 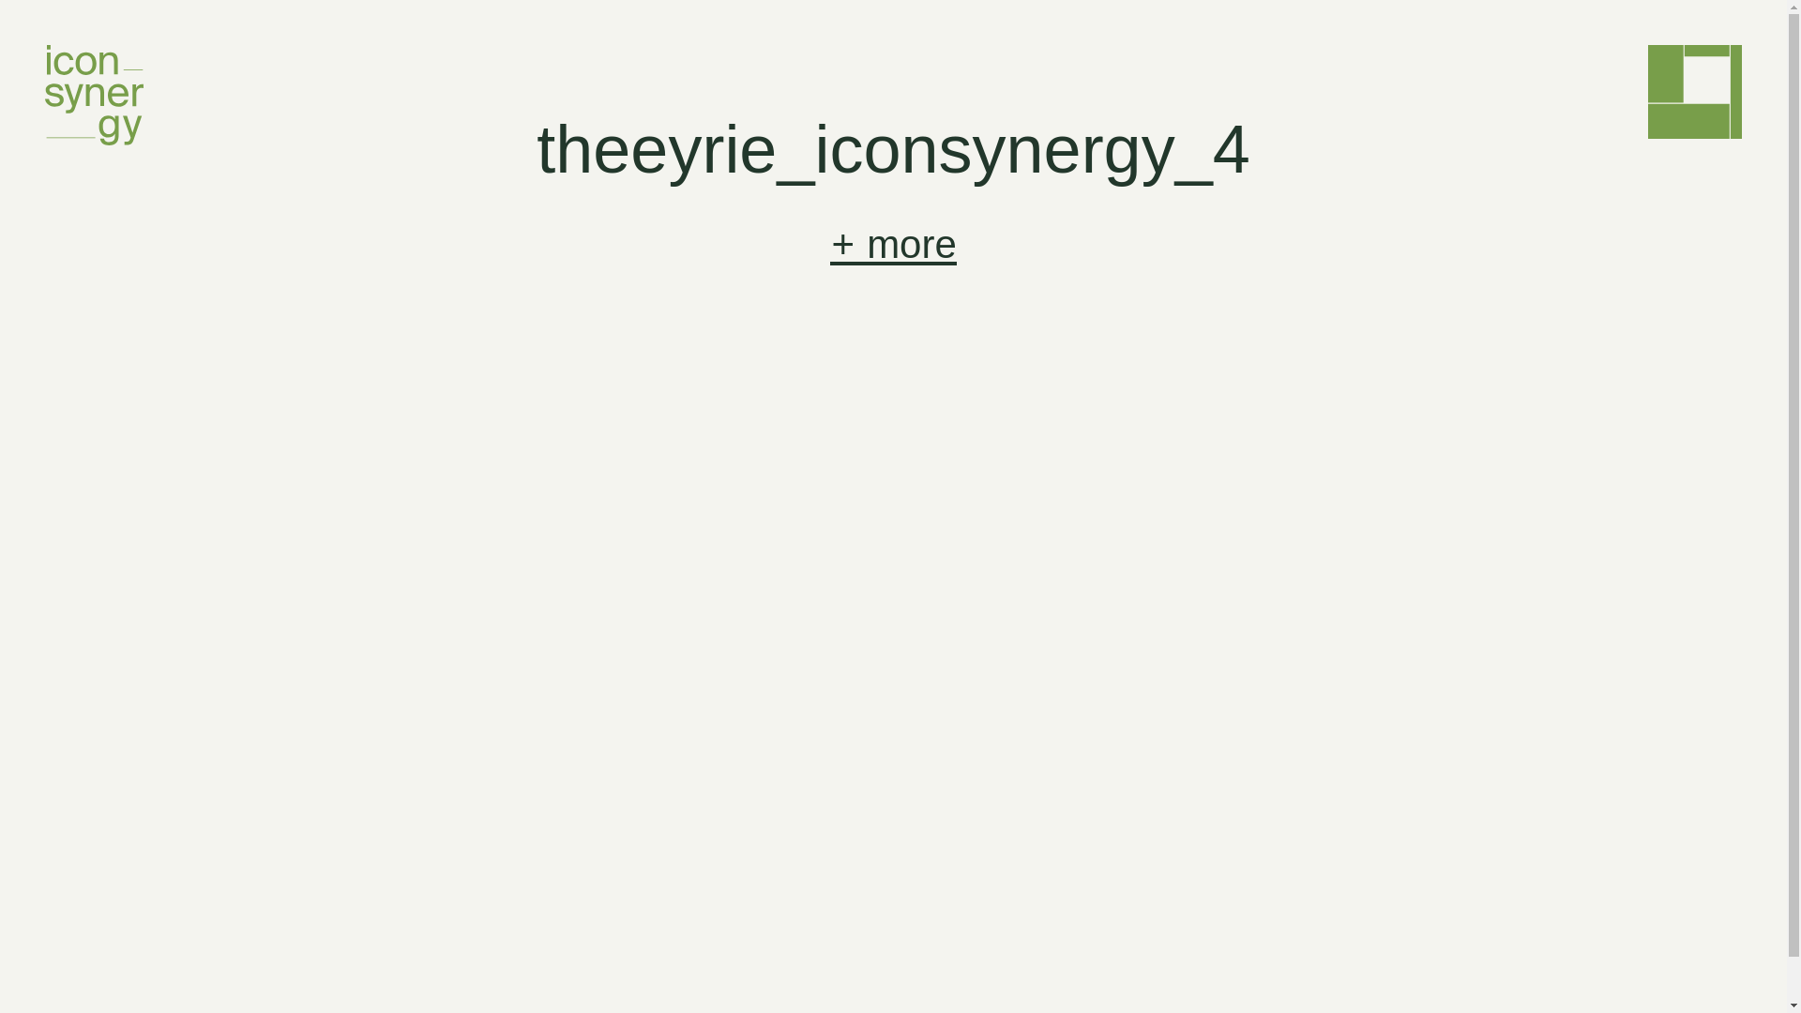 What do you see at coordinates (828, 244) in the screenshot?
I see `'+ more'` at bounding box center [828, 244].